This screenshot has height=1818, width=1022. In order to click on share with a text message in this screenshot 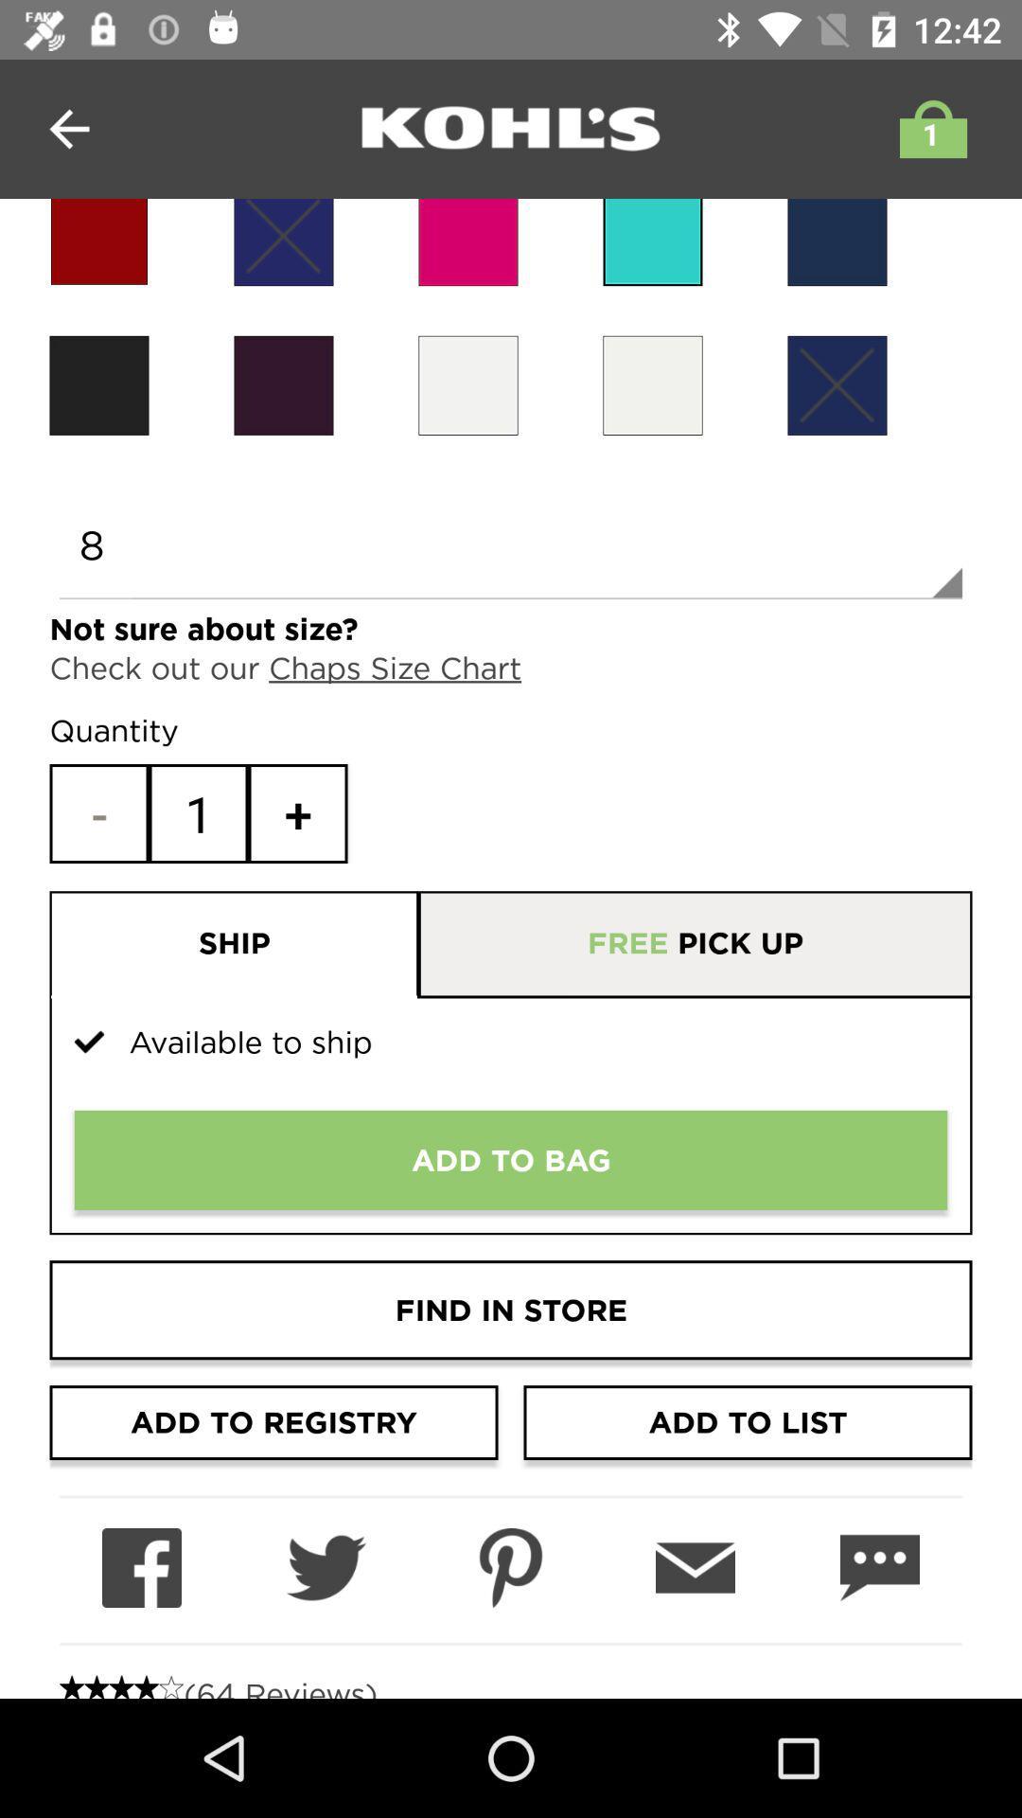, I will do `click(879, 1568)`.